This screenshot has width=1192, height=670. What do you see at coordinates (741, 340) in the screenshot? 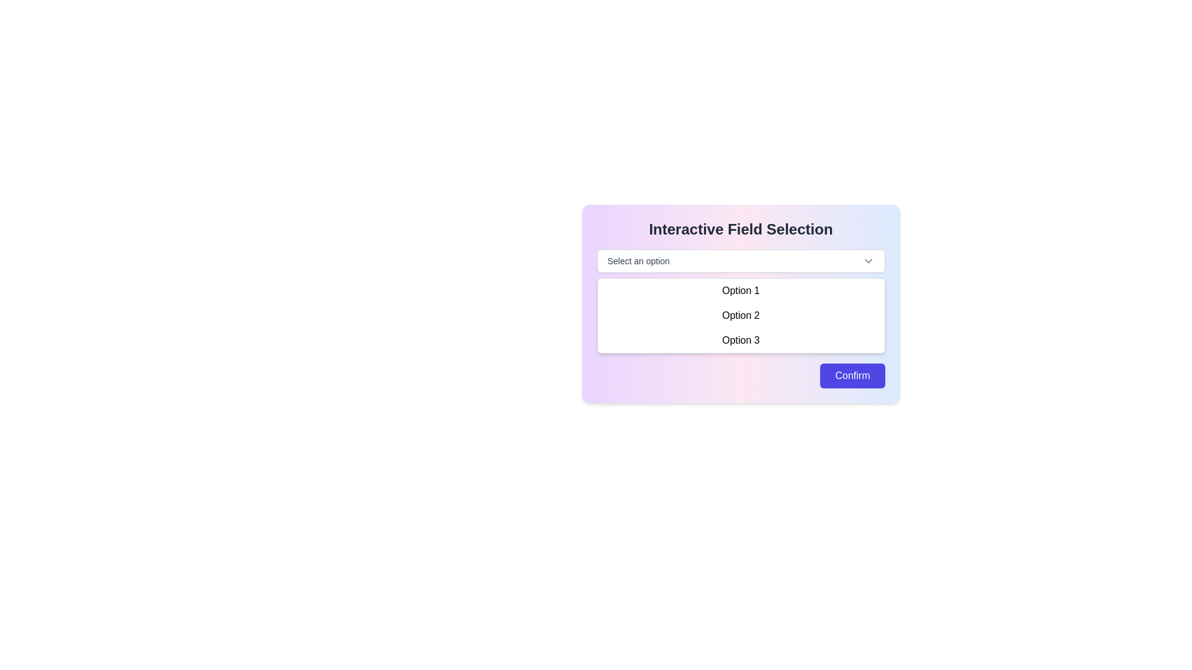
I see `the 'Option 3' dropdown element, which is the third and bottom-most choice in the dropdown menu located beneath 'Option 2'` at bounding box center [741, 340].